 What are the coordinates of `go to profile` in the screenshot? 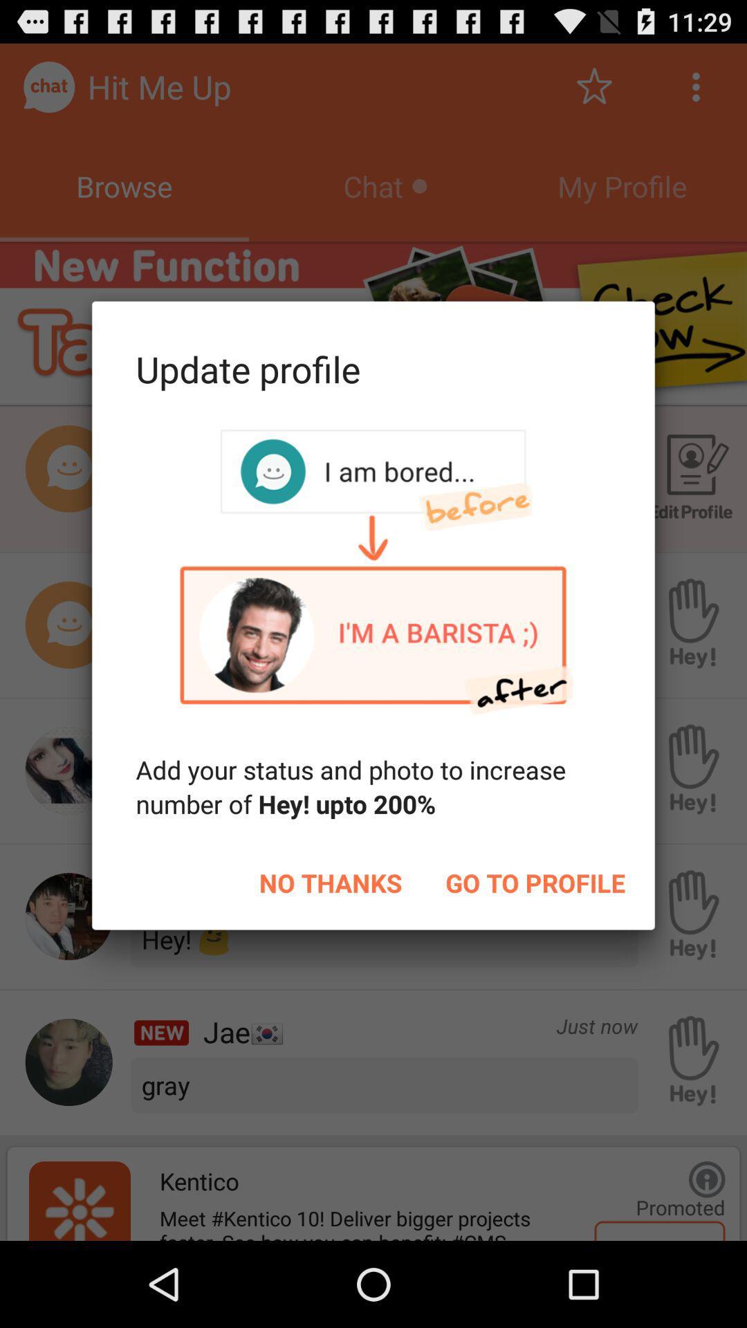 It's located at (535, 882).